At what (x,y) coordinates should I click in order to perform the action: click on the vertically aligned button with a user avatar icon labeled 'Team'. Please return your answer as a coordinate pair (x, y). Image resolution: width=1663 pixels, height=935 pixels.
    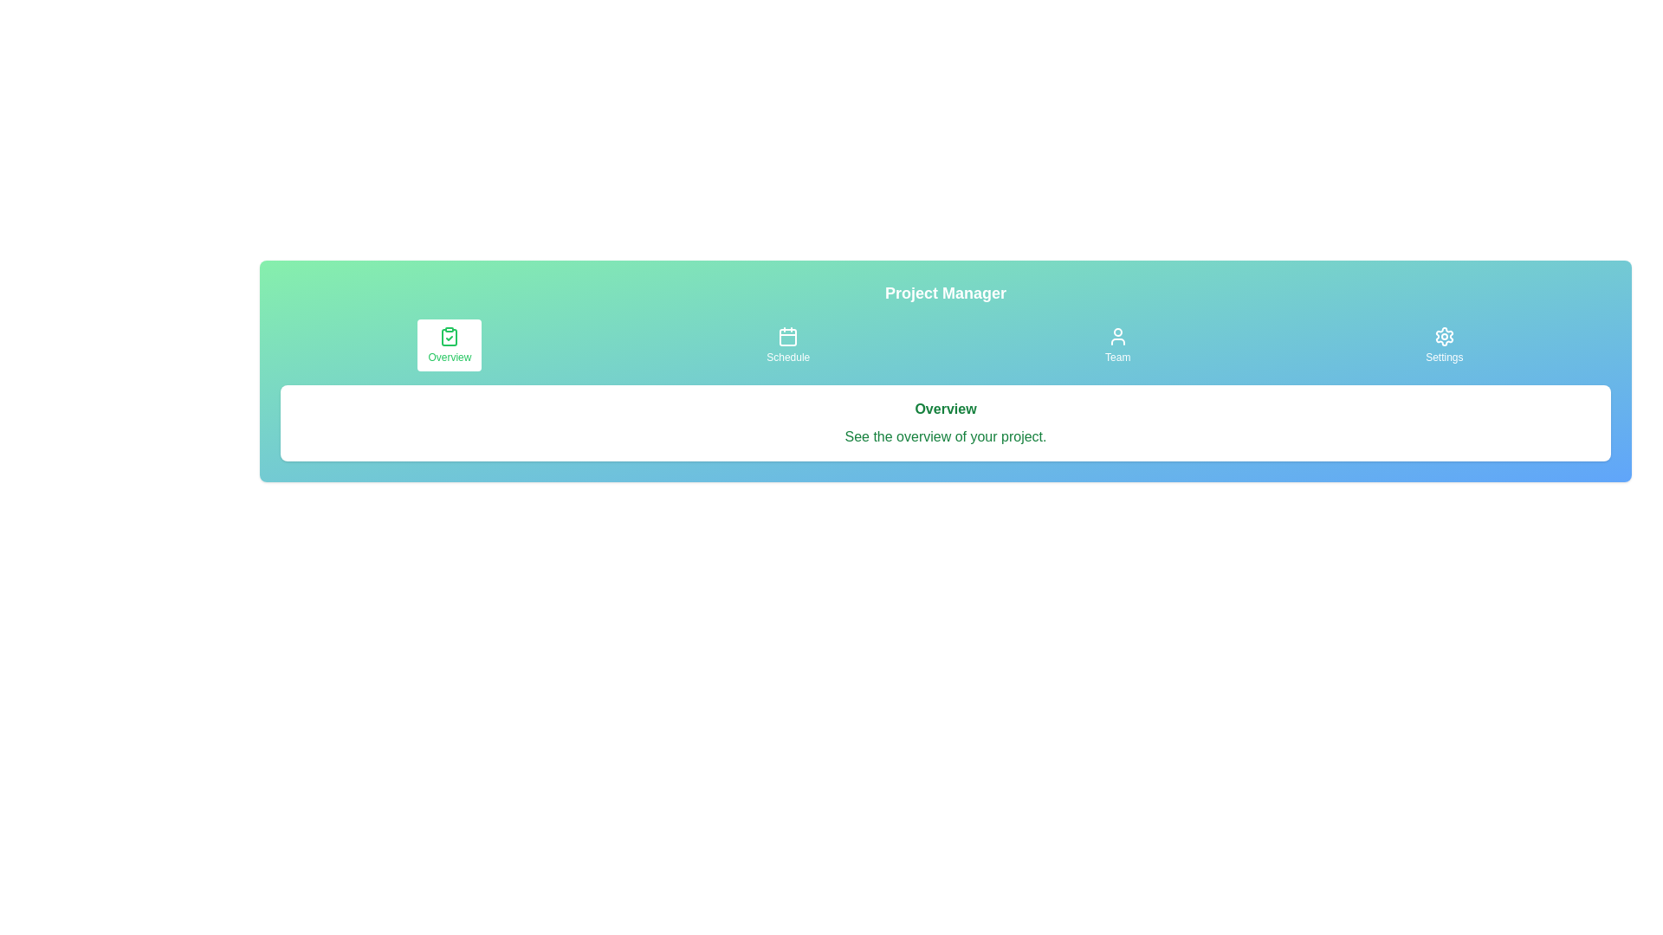
    Looking at the image, I should click on (1117, 345).